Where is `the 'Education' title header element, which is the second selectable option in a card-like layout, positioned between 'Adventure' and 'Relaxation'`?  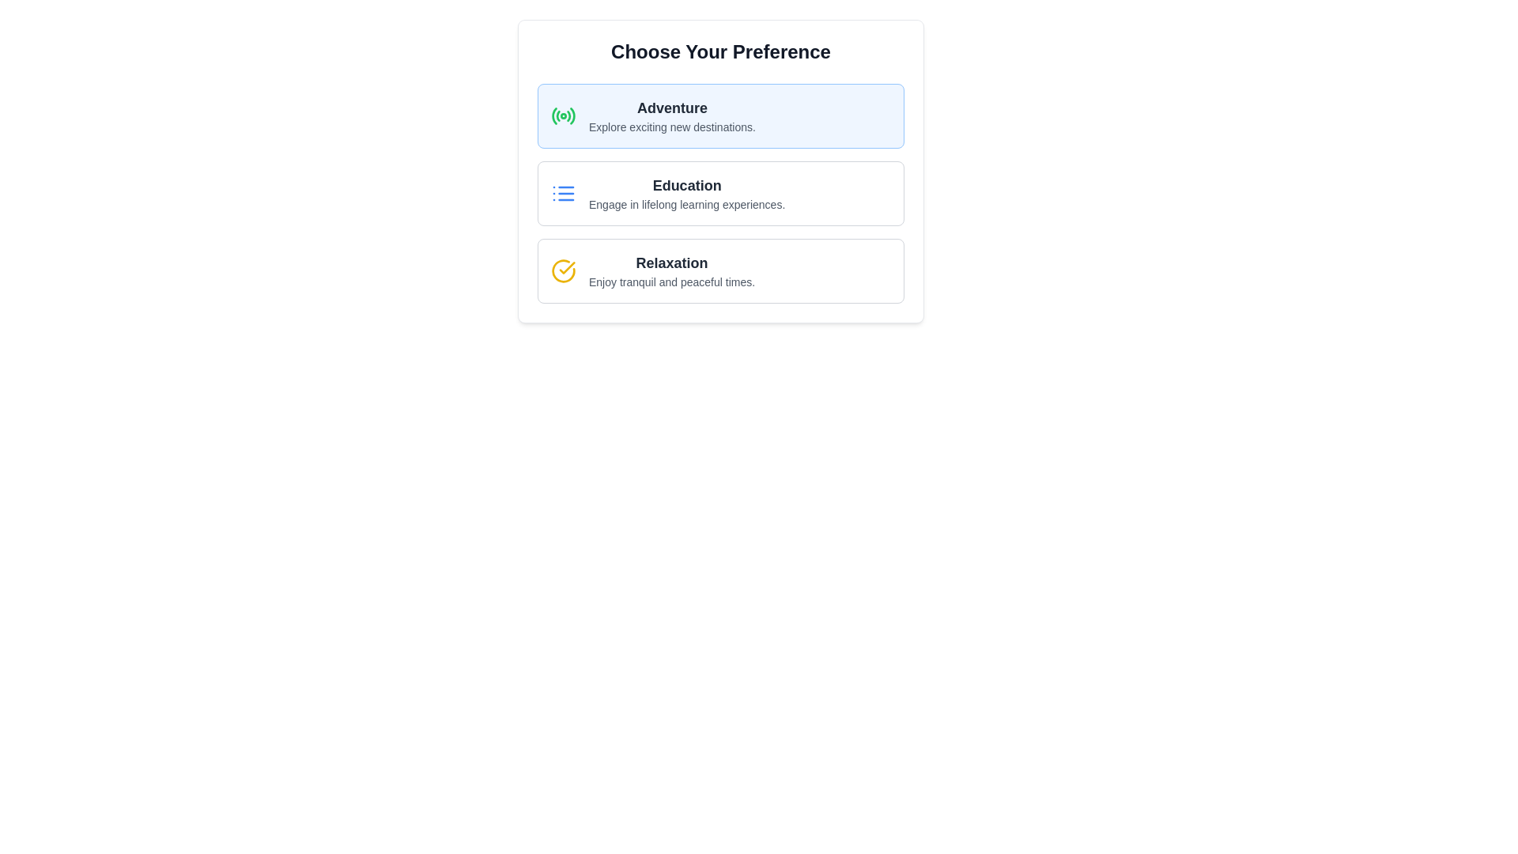 the 'Education' title header element, which is the second selectable option in a card-like layout, positioned between 'Adventure' and 'Relaxation' is located at coordinates (687, 185).